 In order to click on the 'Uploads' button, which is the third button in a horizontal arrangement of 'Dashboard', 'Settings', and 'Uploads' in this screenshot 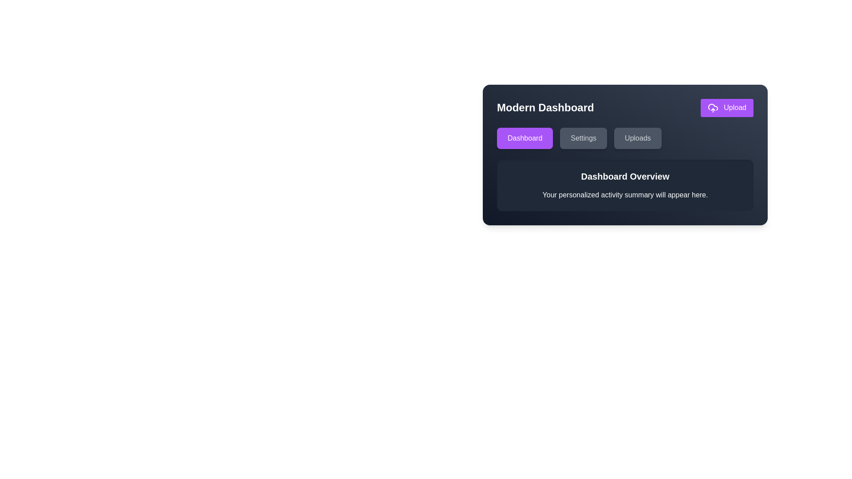, I will do `click(637, 138)`.